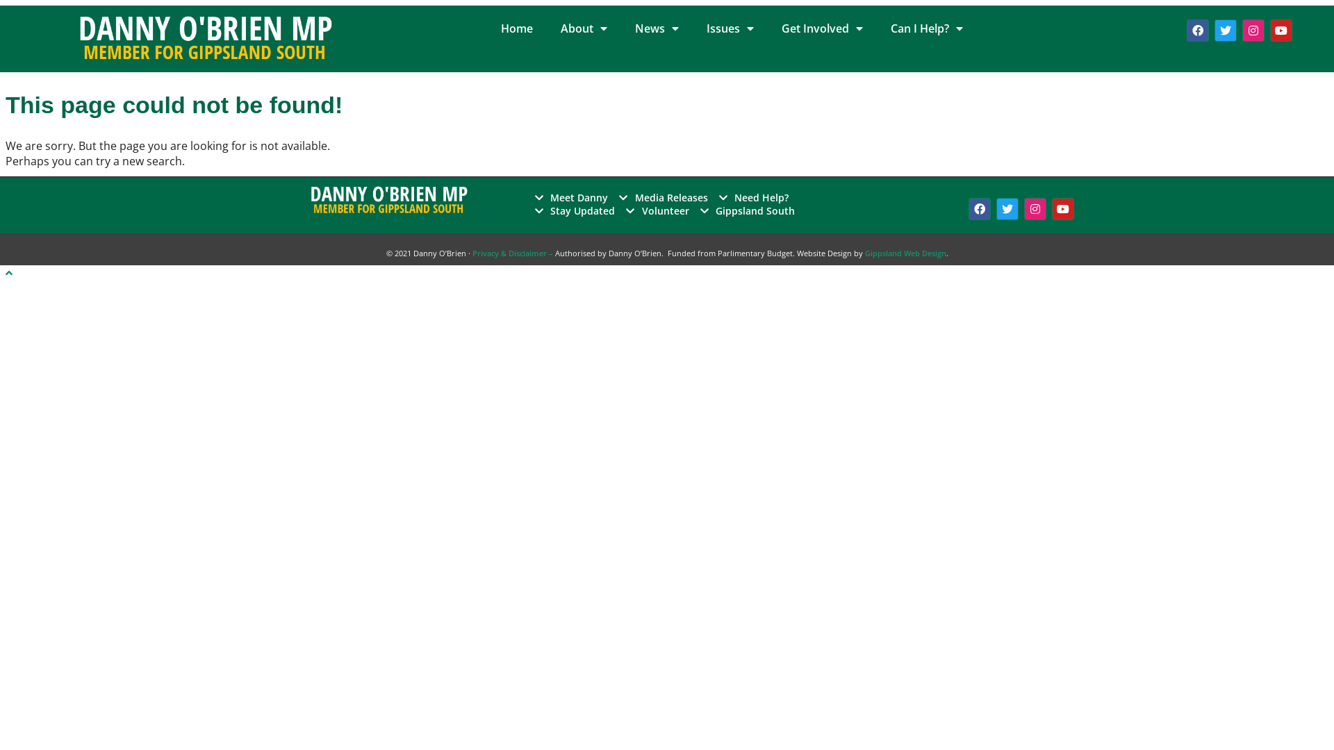 This screenshot has width=1334, height=750. Describe the element at coordinates (584, 28) in the screenshot. I see `'About'` at that location.